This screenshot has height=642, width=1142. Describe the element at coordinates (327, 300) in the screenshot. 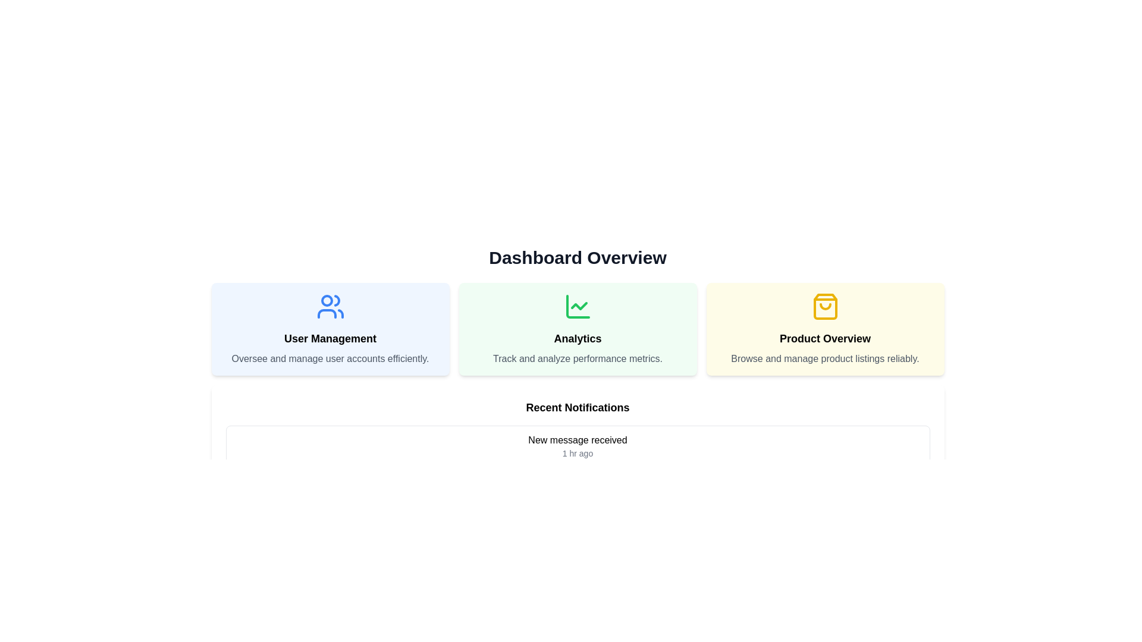

I see `the decorative circle inside the blue 'User Management' icon located near the top-left of the tile` at that location.